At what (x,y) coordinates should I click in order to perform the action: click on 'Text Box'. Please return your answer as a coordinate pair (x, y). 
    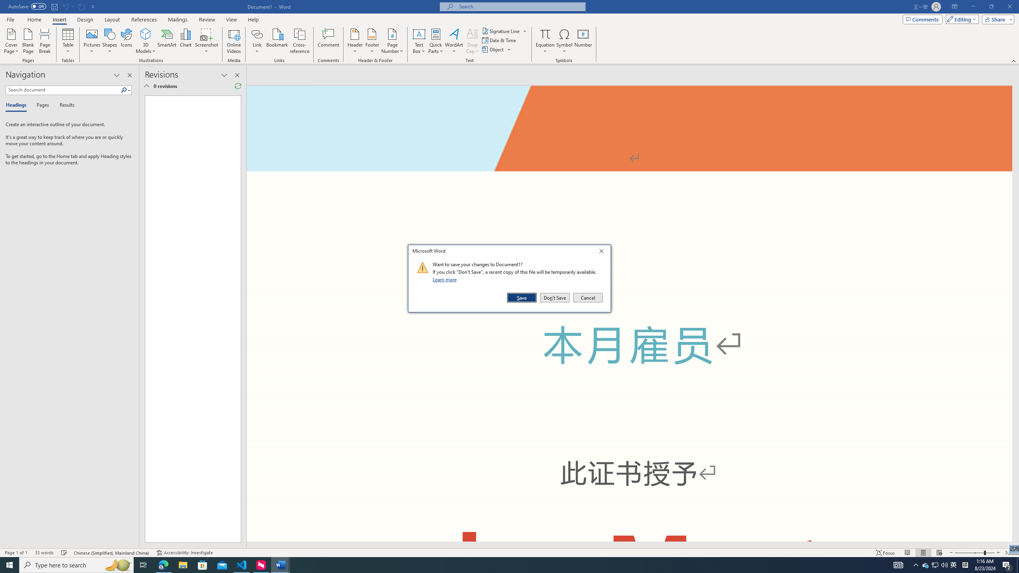
    Looking at the image, I should click on (419, 41).